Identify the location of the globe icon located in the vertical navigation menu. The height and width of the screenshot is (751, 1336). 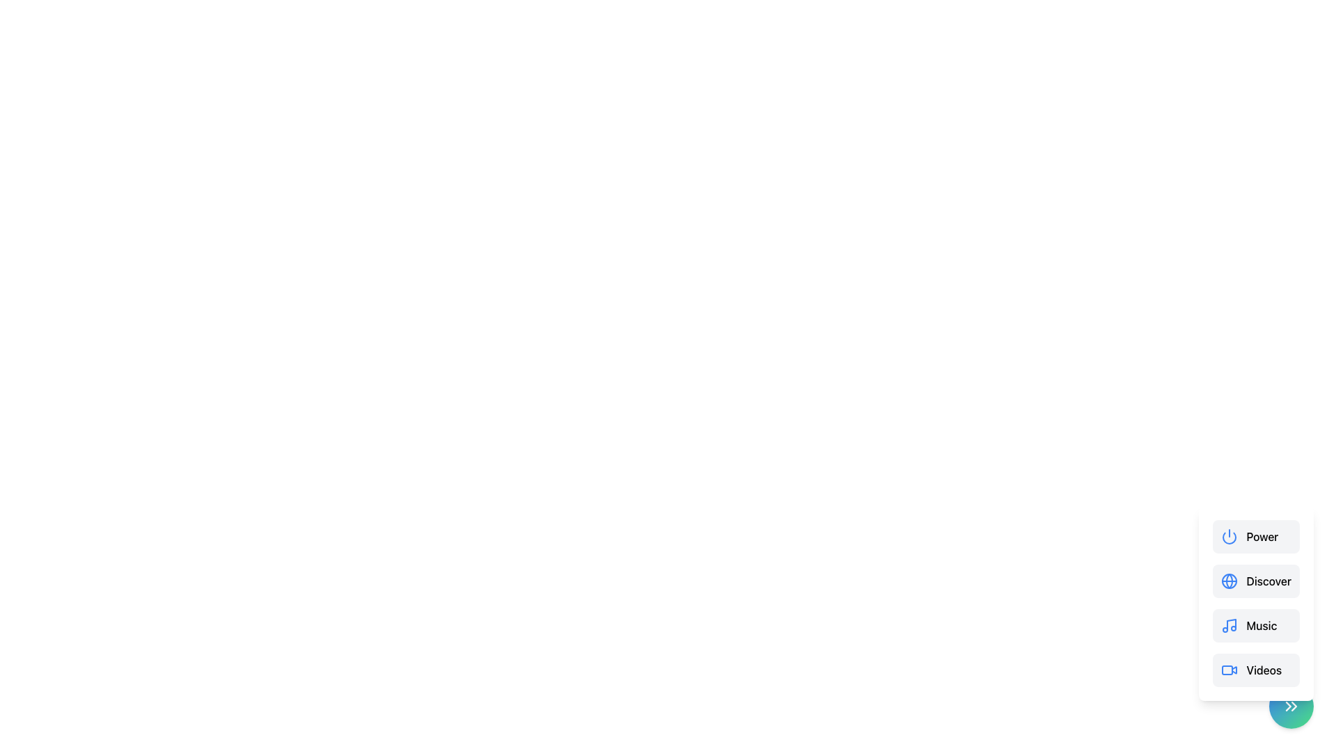
(1230, 581).